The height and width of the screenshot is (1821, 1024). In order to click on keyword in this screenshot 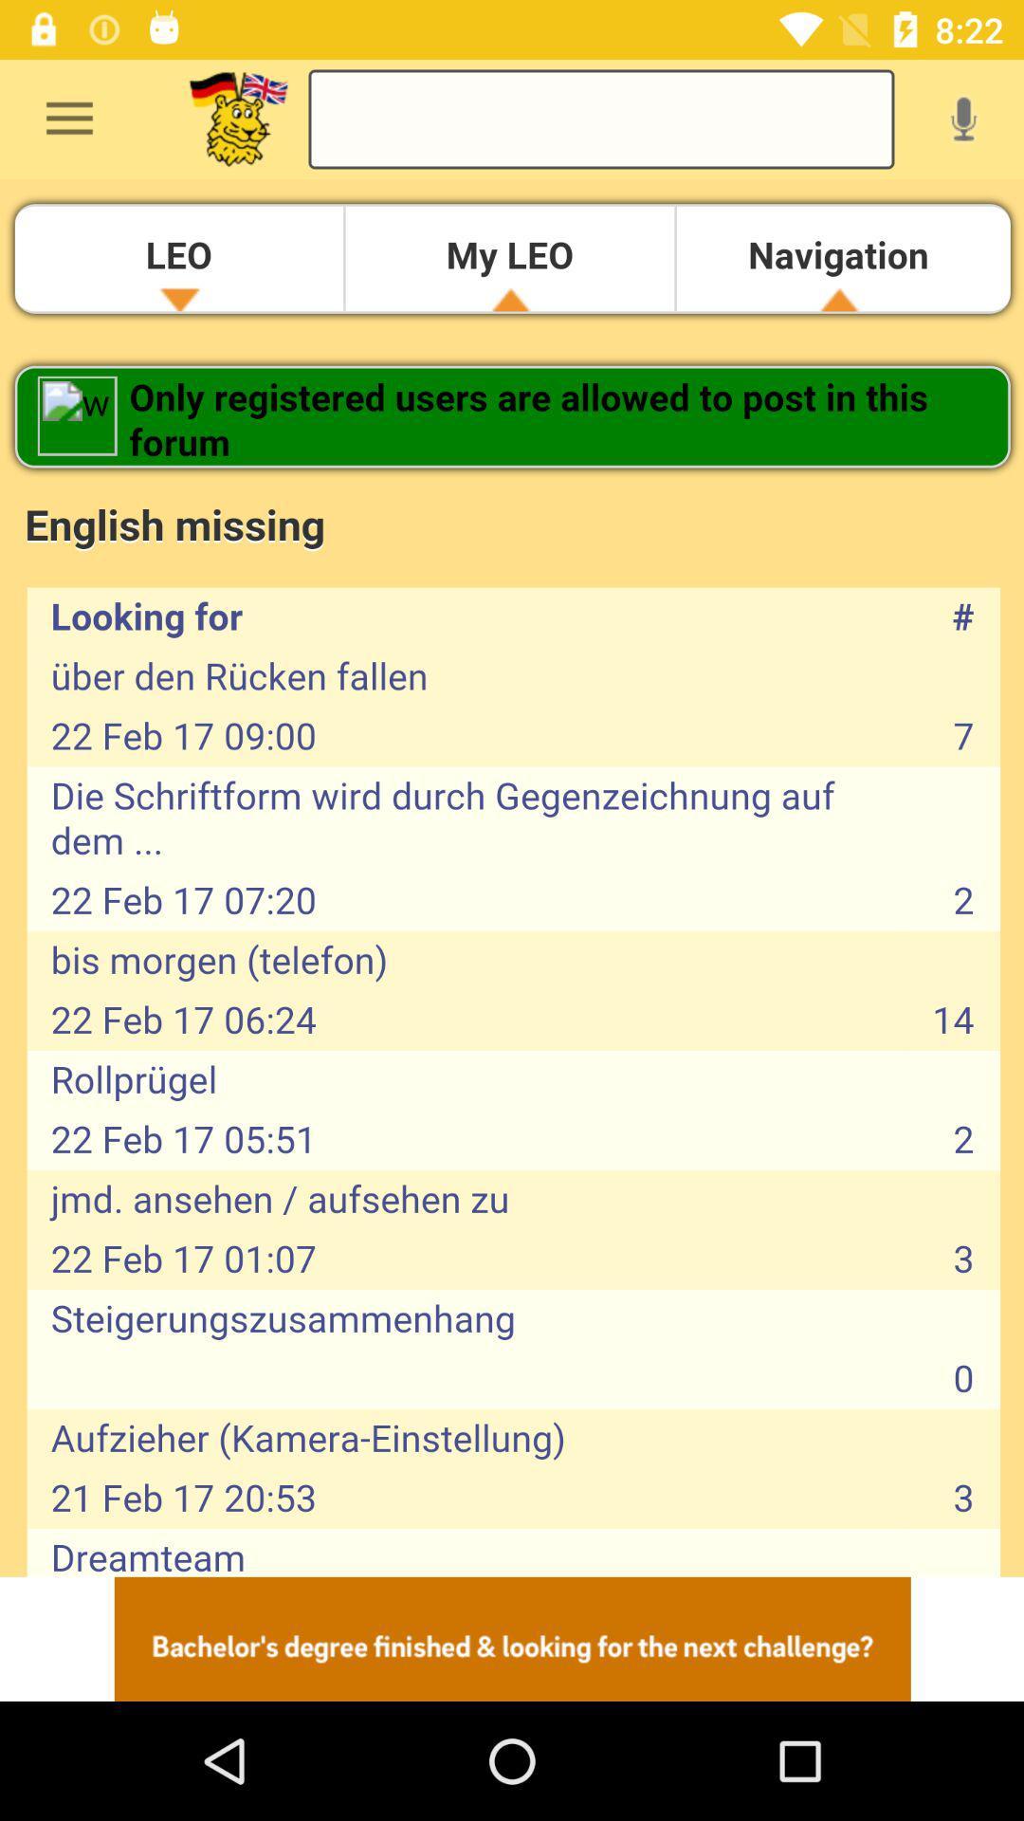, I will do `click(601, 118)`.